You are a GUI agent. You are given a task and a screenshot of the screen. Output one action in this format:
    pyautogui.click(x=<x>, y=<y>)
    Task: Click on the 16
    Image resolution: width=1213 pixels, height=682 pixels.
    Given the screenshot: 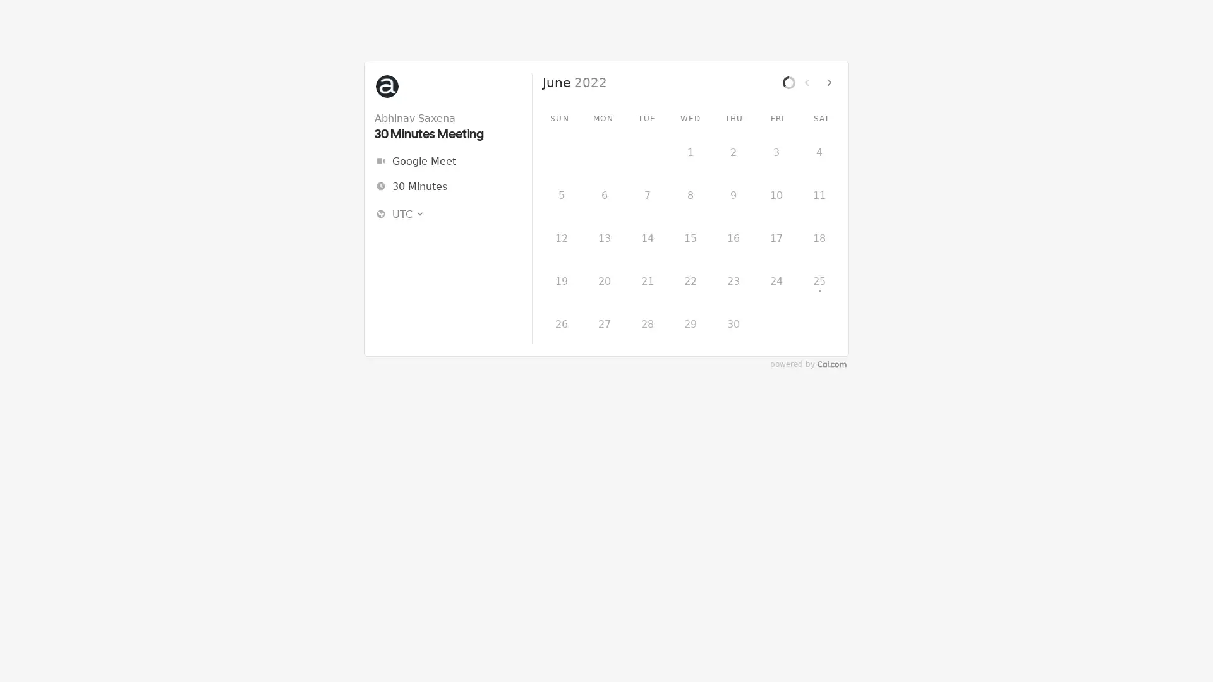 What is the action you would take?
    pyautogui.click(x=733, y=238)
    